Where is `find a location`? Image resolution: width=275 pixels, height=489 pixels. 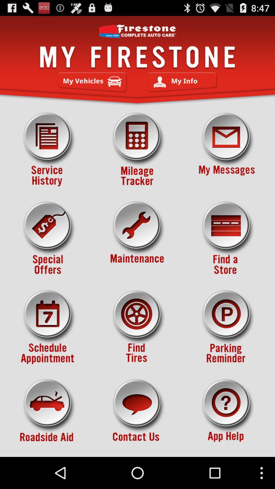
find a location is located at coordinates (227, 238).